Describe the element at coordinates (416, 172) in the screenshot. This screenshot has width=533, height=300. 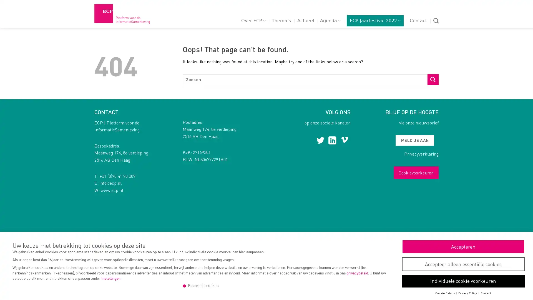
I see `Cookievoorkeuren` at that location.